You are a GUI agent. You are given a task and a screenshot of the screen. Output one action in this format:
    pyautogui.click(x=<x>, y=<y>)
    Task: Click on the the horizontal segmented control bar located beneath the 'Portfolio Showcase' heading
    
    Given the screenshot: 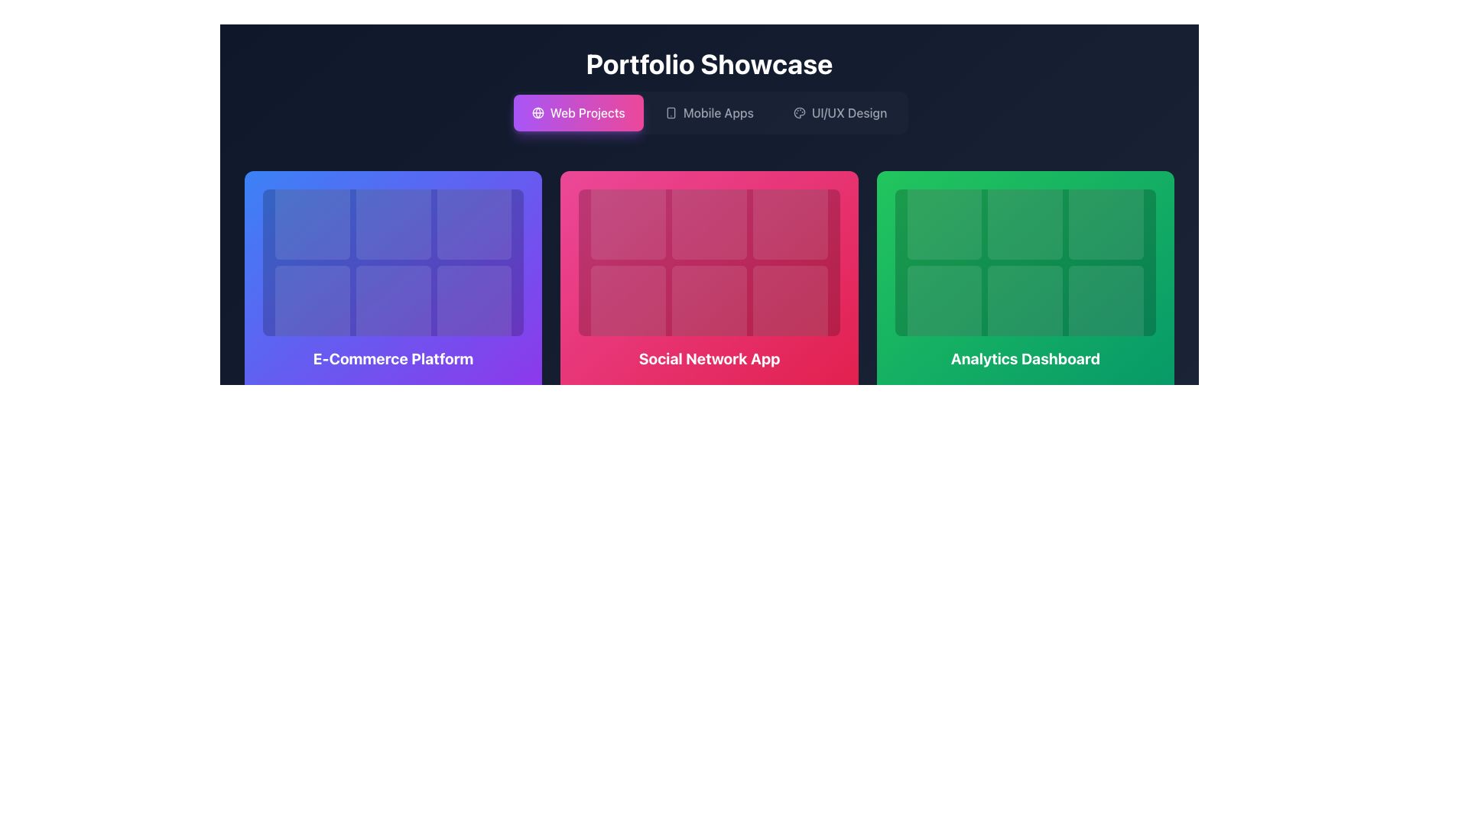 What is the action you would take?
    pyautogui.click(x=708, y=112)
    